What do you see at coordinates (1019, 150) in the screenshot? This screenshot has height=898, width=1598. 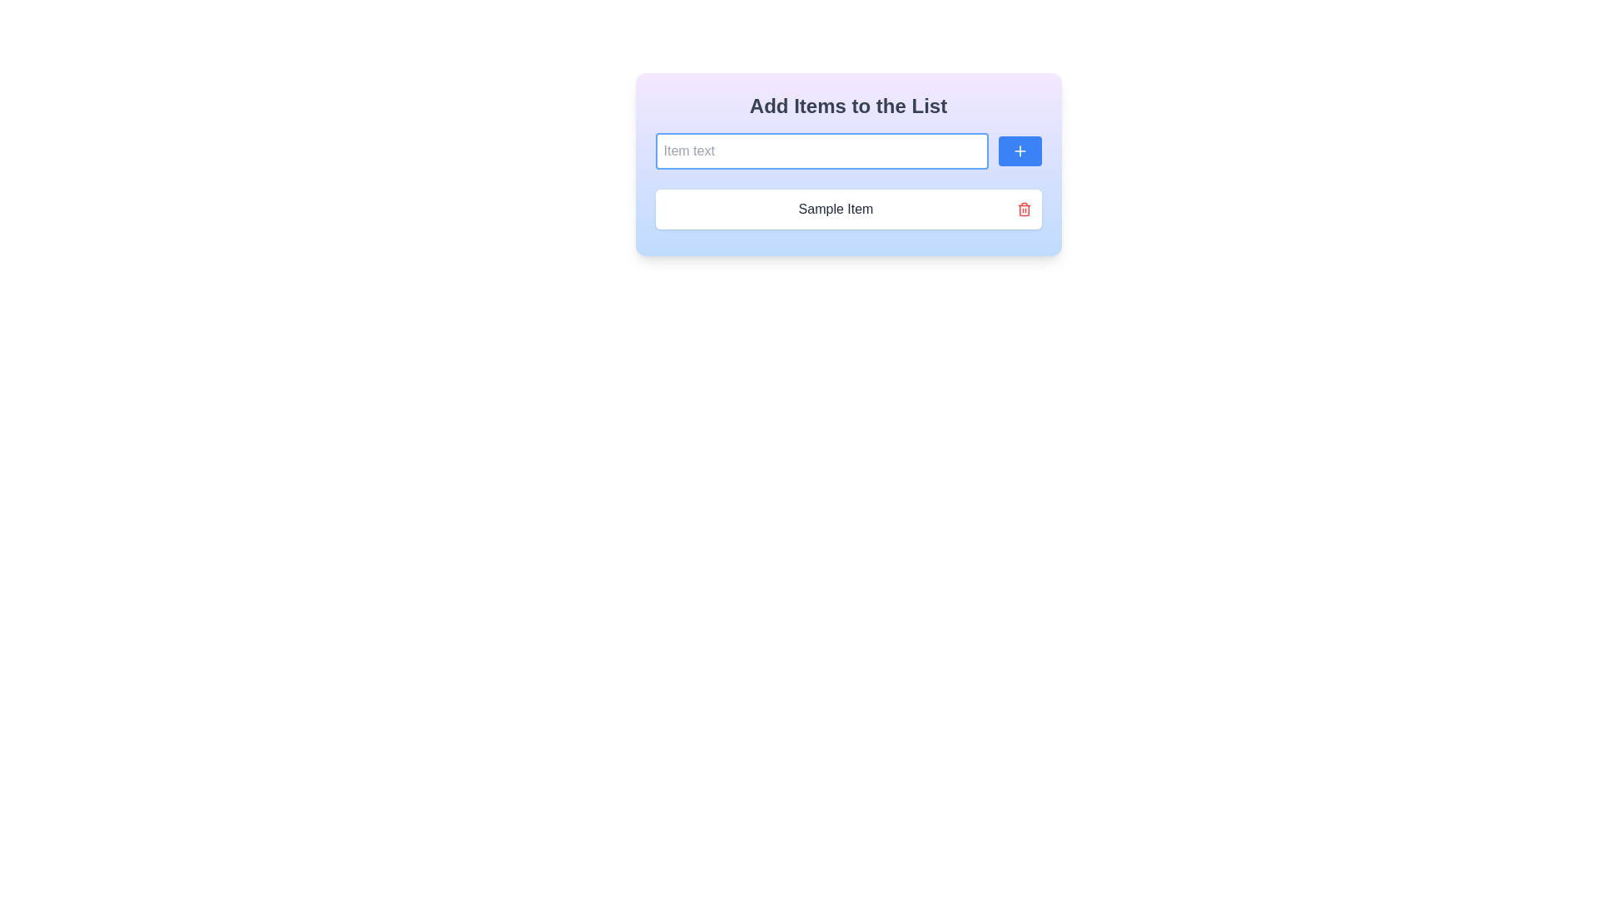 I see `the '+' icon button located on the right side of the 'Item text' input field within the 'Add Items to the List' section` at bounding box center [1019, 150].